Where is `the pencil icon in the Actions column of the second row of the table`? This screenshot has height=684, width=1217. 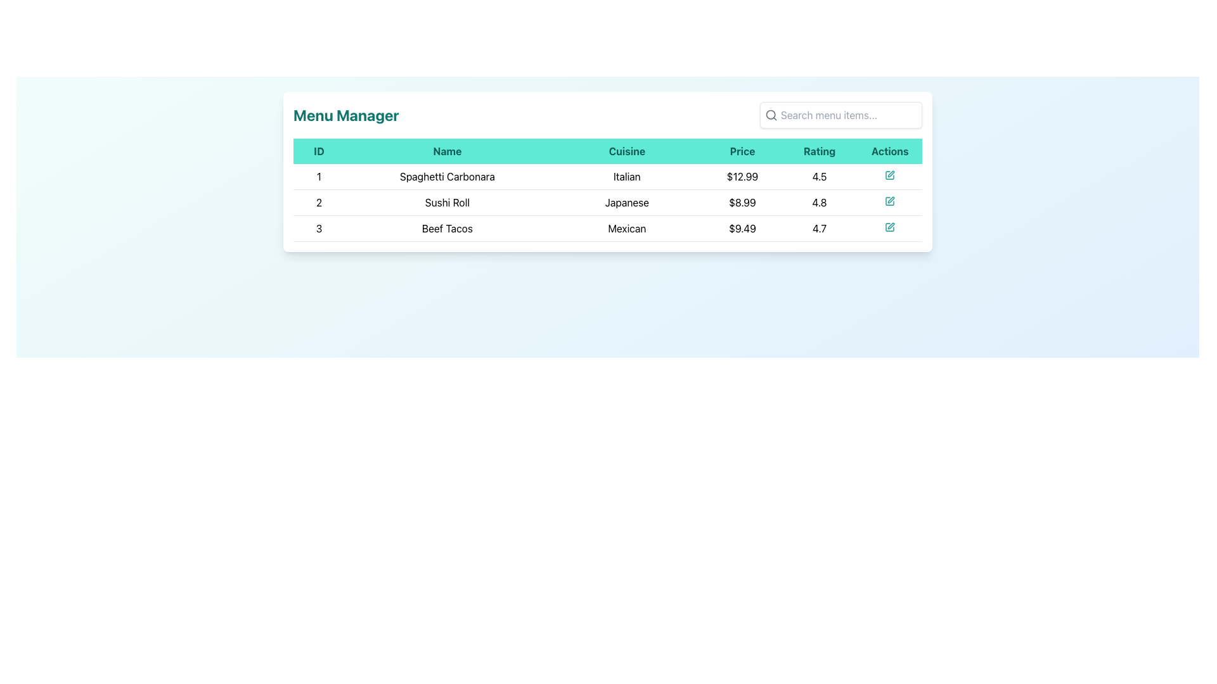
the pencil icon in the Actions column of the second row of the table is located at coordinates (891, 199).